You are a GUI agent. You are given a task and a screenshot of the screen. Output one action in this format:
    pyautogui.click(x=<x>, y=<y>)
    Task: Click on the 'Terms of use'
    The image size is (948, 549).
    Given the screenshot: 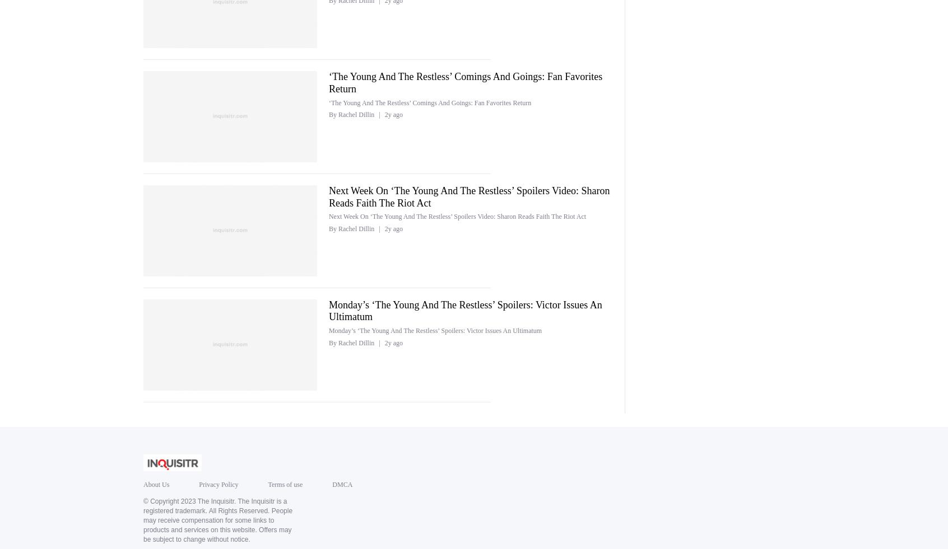 What is the action you would take?
    pyautogui.click(x=285, y=484)
    